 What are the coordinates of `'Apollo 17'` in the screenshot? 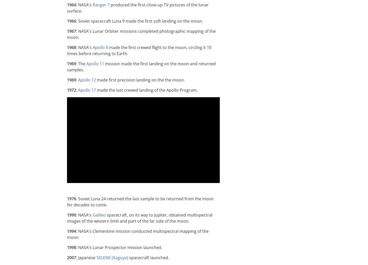 It's located at (78, 90).